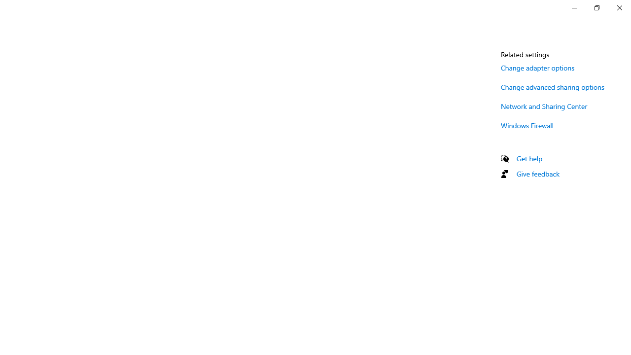 The image size is (631, 355). I want to click on 'Network and Sharing Center', so click(544, 106).